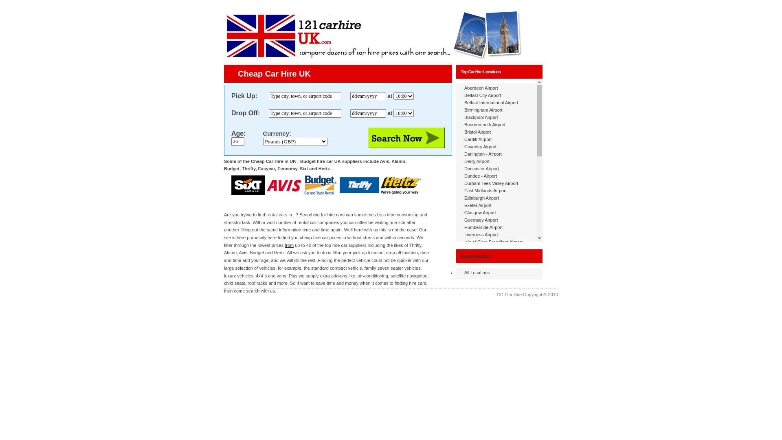 The height and width of the screenshot is (440, 782). What do you see at coordinates (477, 132) in the screenshot?
I see `'Bristol Airport'` at bounding box center [477, 132].